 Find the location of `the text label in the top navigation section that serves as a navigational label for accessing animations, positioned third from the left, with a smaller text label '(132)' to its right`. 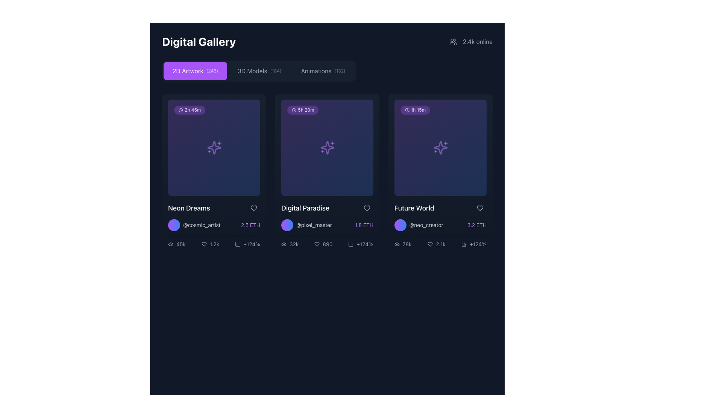

the text label in the top navigation section that serves as a navigational label for accessing animations, positioned third from the left, with a smaller text label '(132)' to its right is located at coordinates (316, 71).